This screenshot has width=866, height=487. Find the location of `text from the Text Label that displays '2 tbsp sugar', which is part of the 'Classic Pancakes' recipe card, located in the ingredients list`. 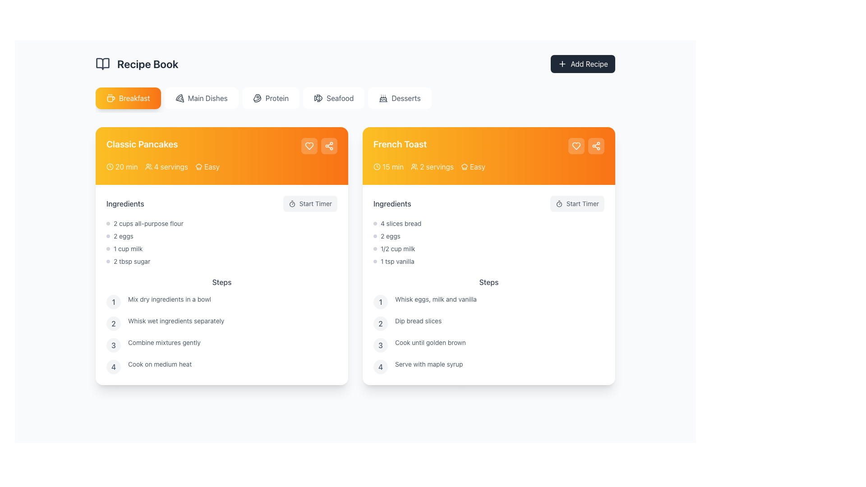

text from the Text Label that displays '2 tbsp sugar', which is part of the 'Classic Pancakes' recipe card, located in the ingredients list is located at coordinates (131, 261).